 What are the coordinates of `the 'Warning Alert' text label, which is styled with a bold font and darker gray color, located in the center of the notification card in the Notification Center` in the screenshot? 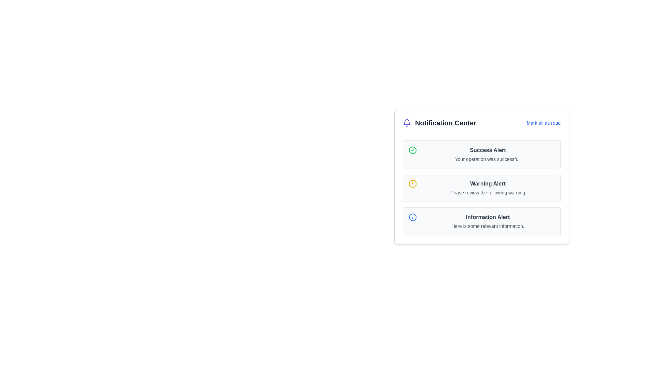 It's located at (488, 183).